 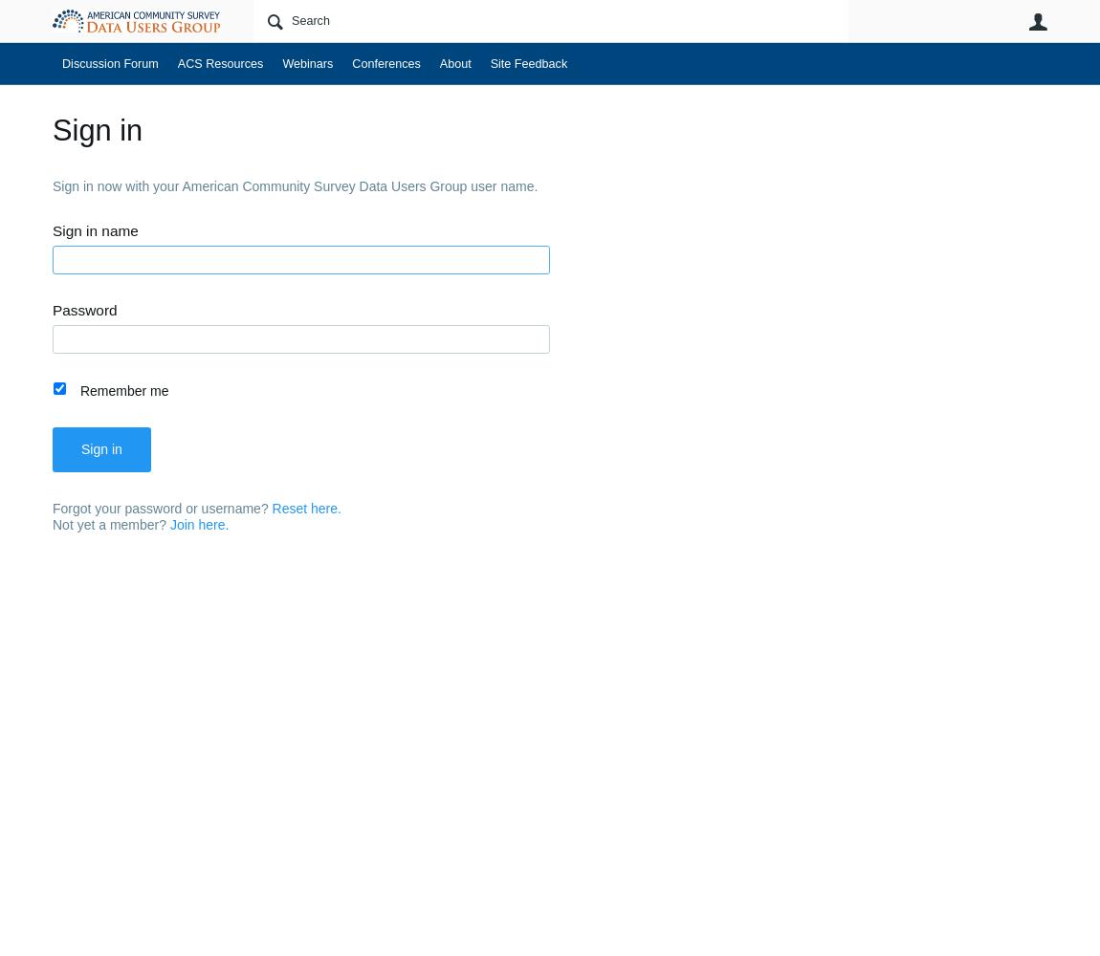 What do you see at coordinates (51, 185) in the screenshot?
I see `'Sign in now with your American Community Survey Data Users Group user name.'` at bounding box center [51, 185].